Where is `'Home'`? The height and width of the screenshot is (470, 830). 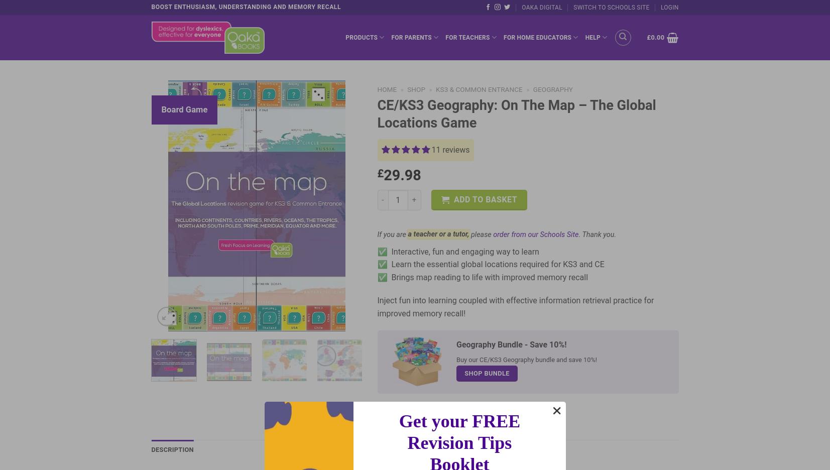 'Home' is located at coordinates (386, 89).